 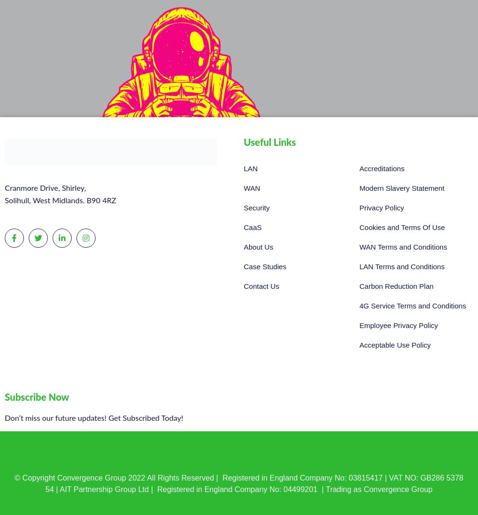 What do you see at coordinates (250, 168) in the screenshot?
I see `'LAN'` at bounding box center [250, 168].